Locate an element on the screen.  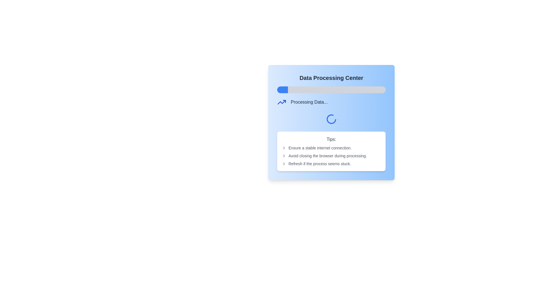
the chevron icon located to the left of the text 'Refresh if the process seems stuck.' in the tips section is located at coordinates (284, 164).